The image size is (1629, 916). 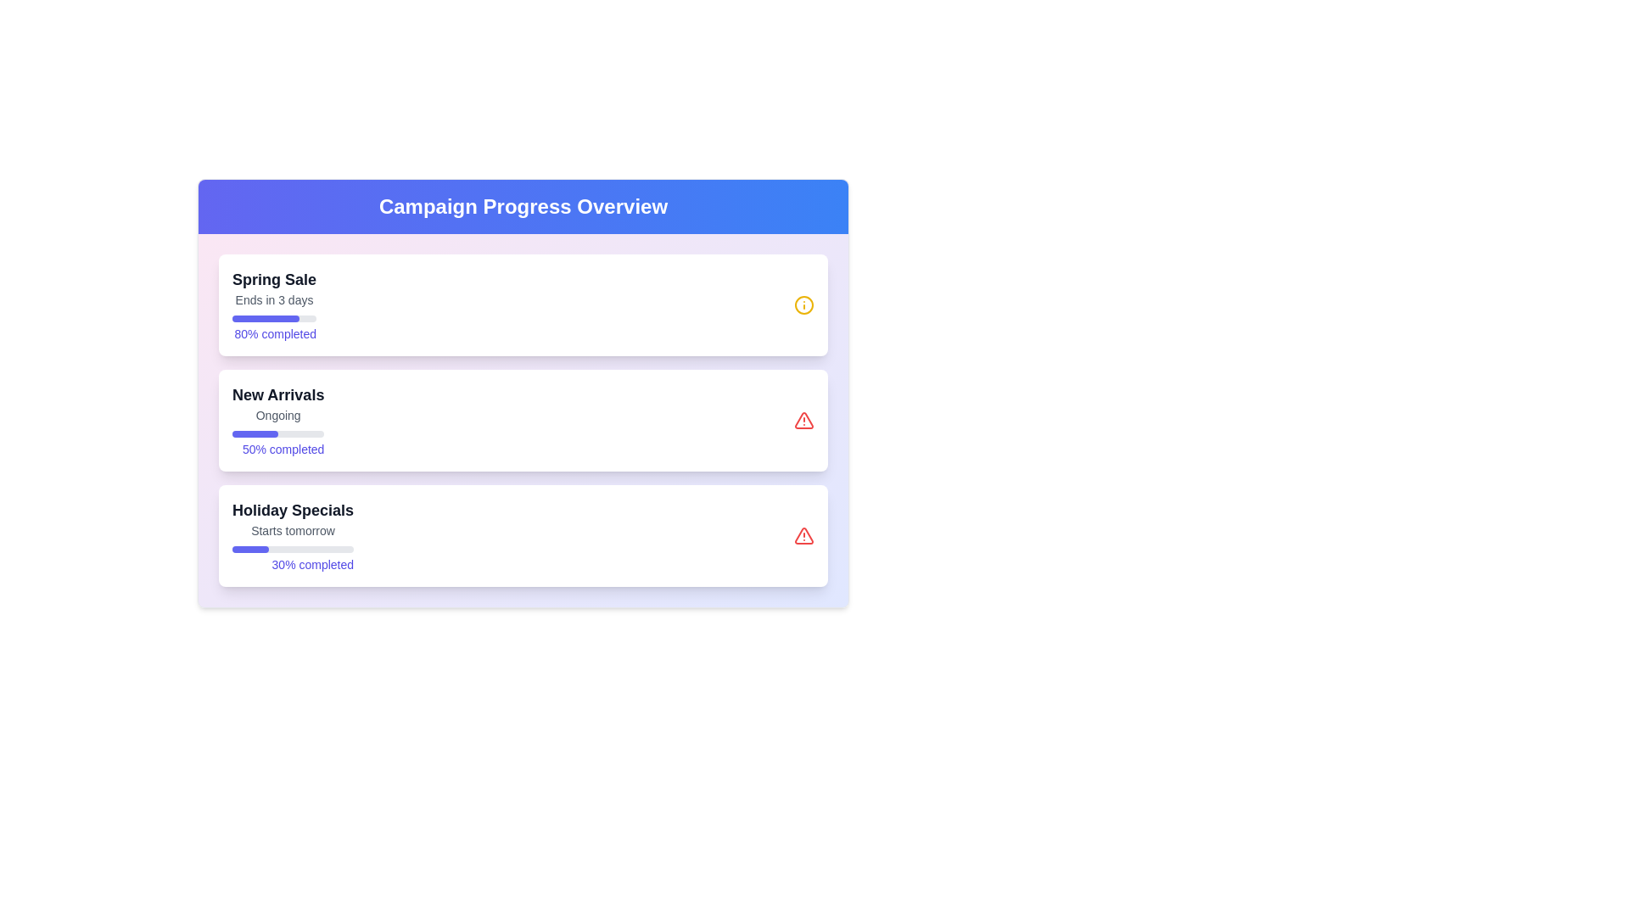 I want to click on the static header text label that provides a descriptive title for the campaign progress overview, located at the top-central part of the interface, so click(x=523, y=205).